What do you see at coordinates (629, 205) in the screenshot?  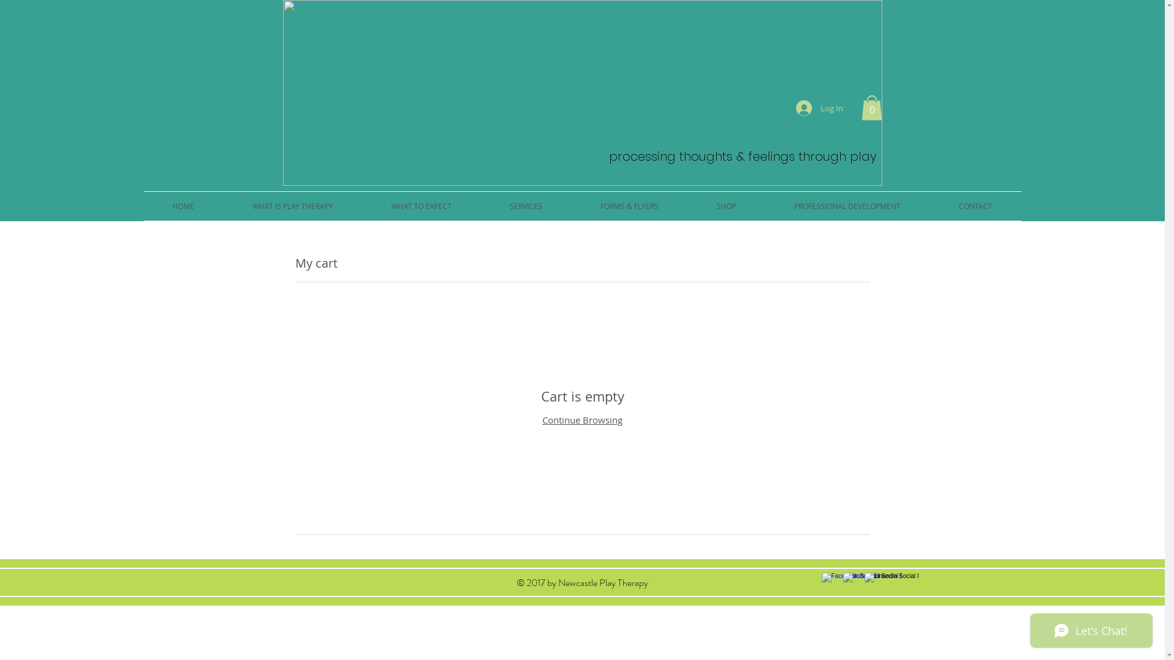 I see `'FORMS & FLYERS'` at bounding box center [629, 205].